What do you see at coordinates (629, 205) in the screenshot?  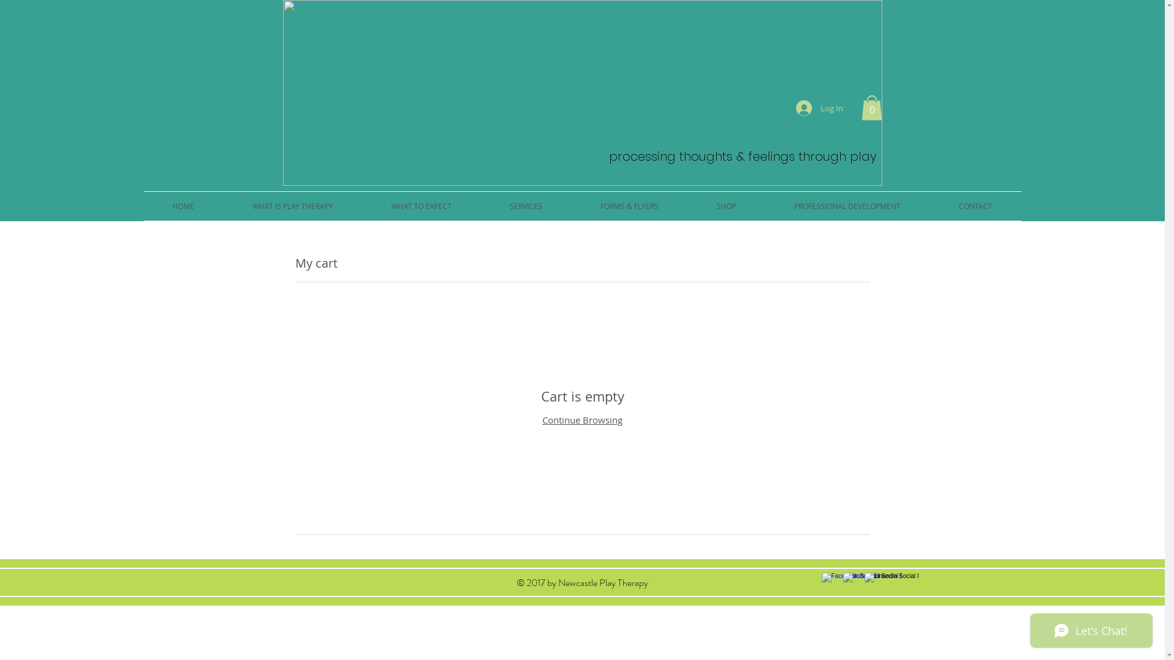 I see `'FORMS & FLYERS'` at bounding box center [629, 205].